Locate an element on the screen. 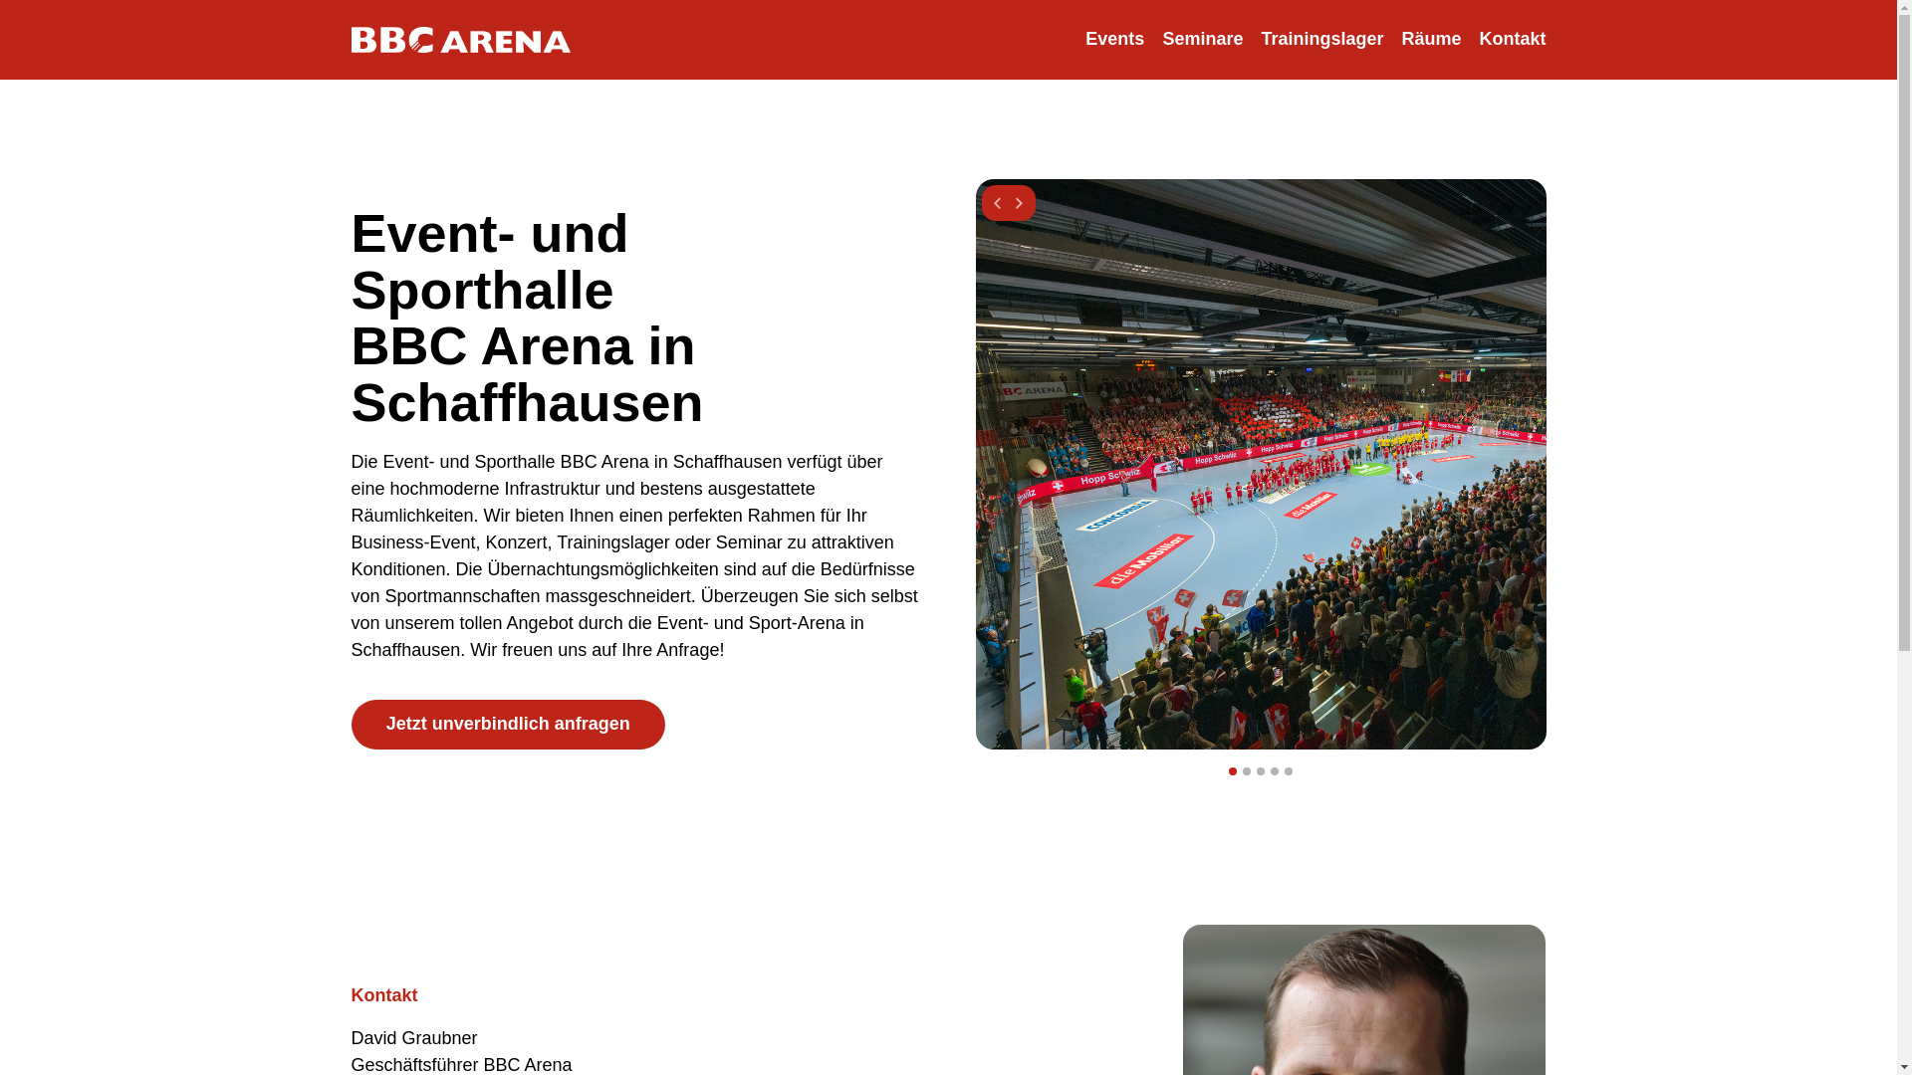 The image size is (1912, 1075). 'Kontakt' is located at coordinates (1512, 39).